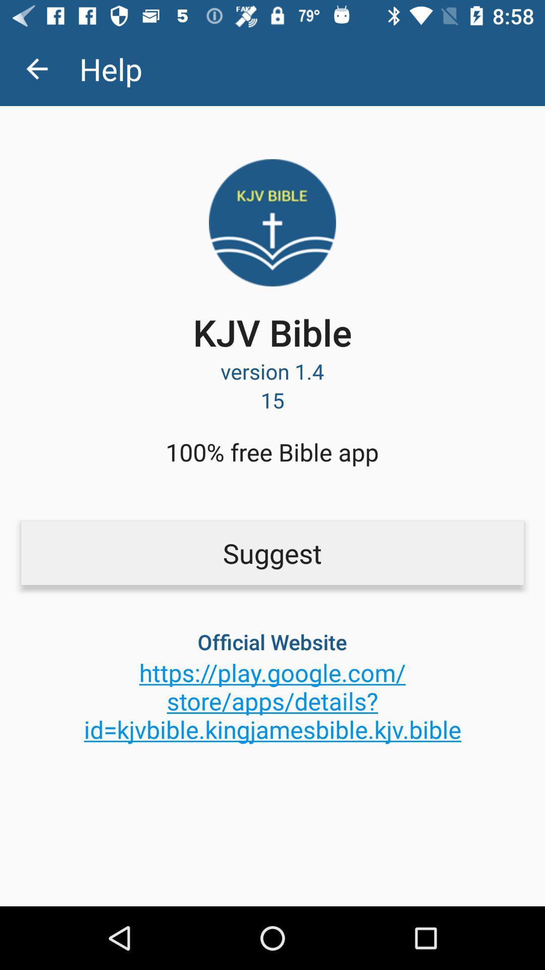 This screenshot has height=970, width=545. I want to click on icon above suggest icon, so click(36, 68).